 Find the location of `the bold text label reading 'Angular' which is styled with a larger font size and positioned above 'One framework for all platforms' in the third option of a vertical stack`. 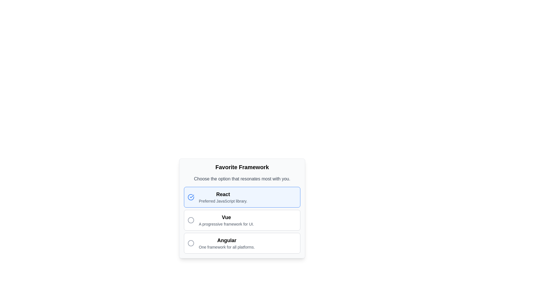

the bold text label reading 'Angular' which is styled with a larger font size and positioned above 'One framework for all platforms' in the third option of a vertical stack is located at coordinates (227, 240).